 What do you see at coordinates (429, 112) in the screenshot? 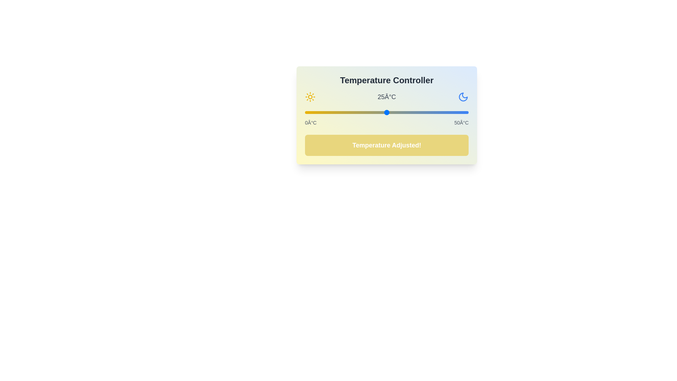
I see `the slider to set the temperature to 38°C` at bounding box center [429, 112].